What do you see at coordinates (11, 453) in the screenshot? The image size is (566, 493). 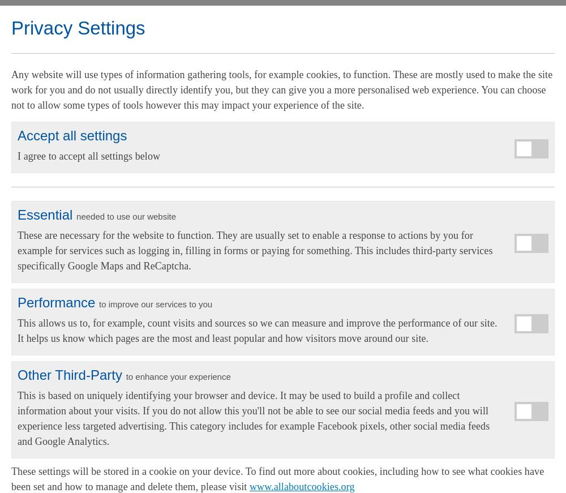 I see `'Alarmed Housing'` at bounding box center [11, 453].